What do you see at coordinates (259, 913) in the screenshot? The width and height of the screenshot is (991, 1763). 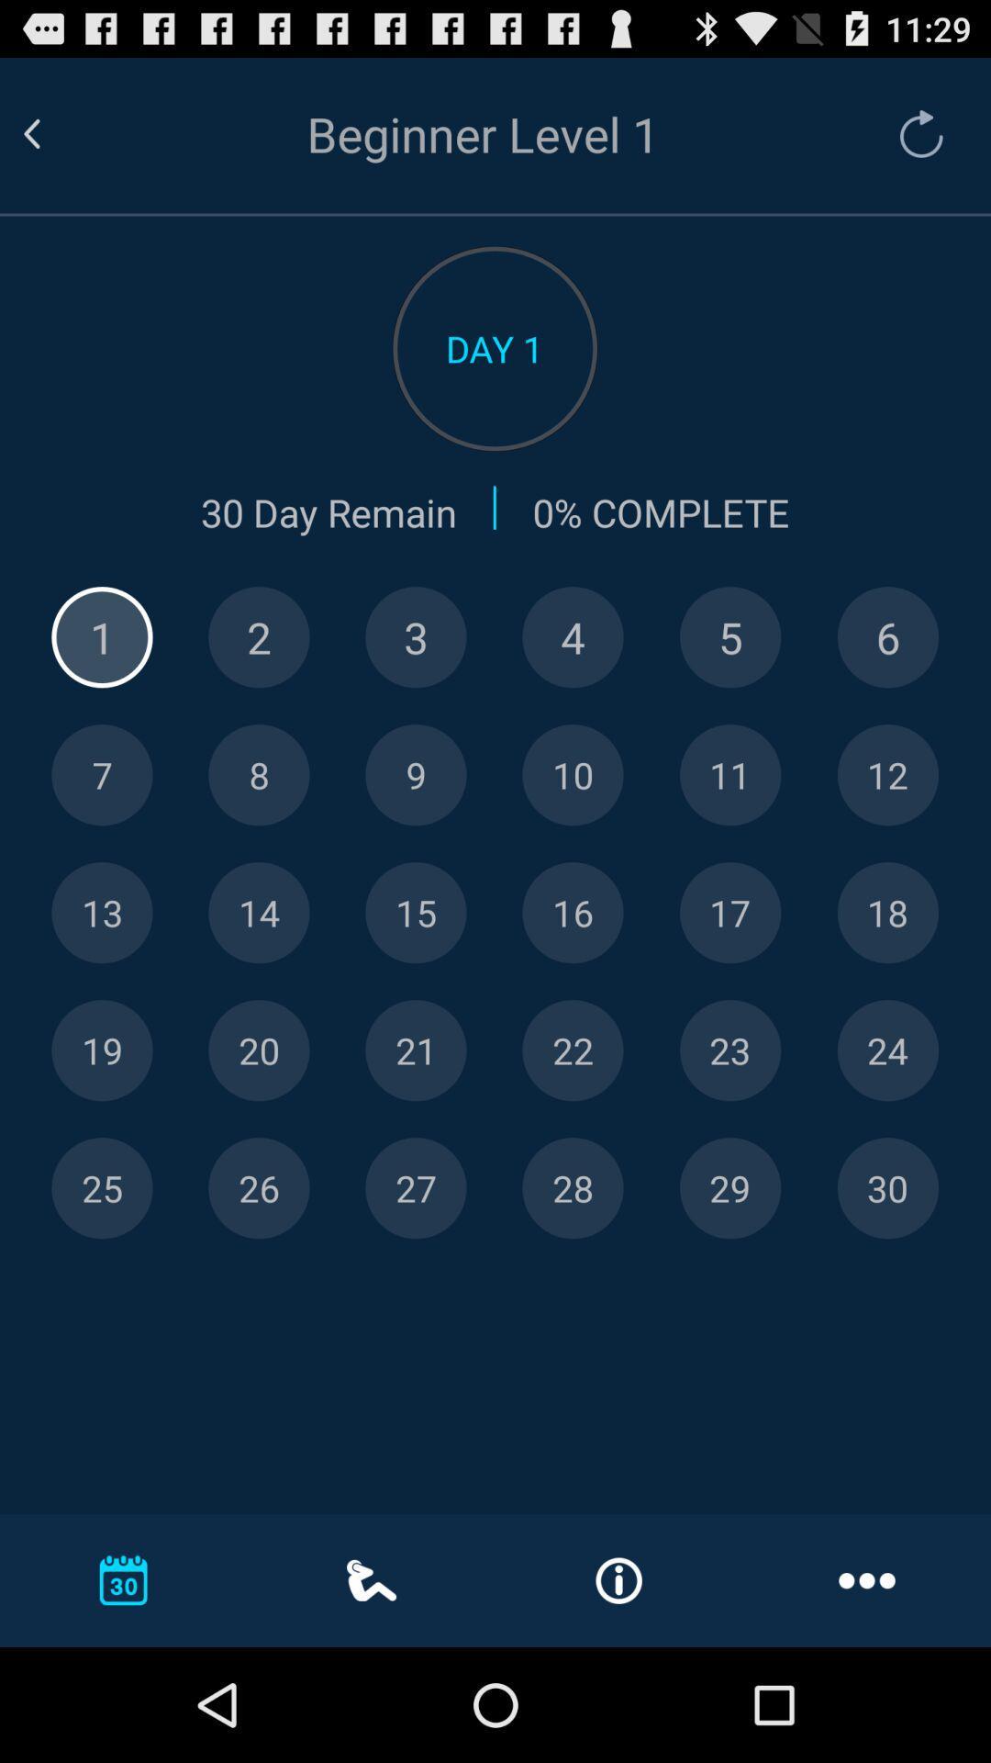 I see `14` at bounding box center [259, 913].